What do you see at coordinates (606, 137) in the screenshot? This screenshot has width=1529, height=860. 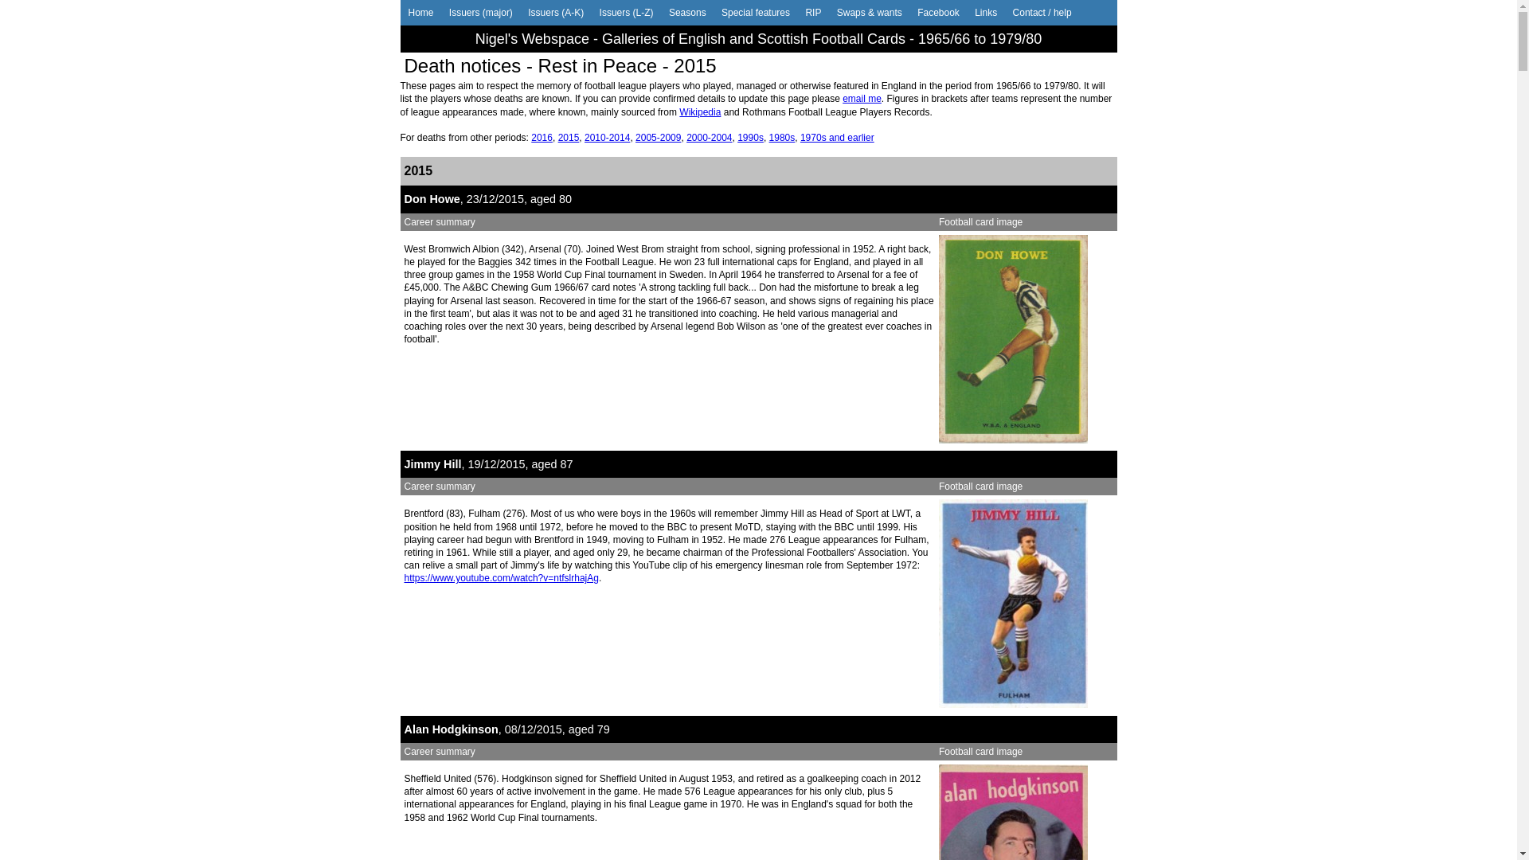 I see `'2010-2014'` at bounding box center [606, 137].